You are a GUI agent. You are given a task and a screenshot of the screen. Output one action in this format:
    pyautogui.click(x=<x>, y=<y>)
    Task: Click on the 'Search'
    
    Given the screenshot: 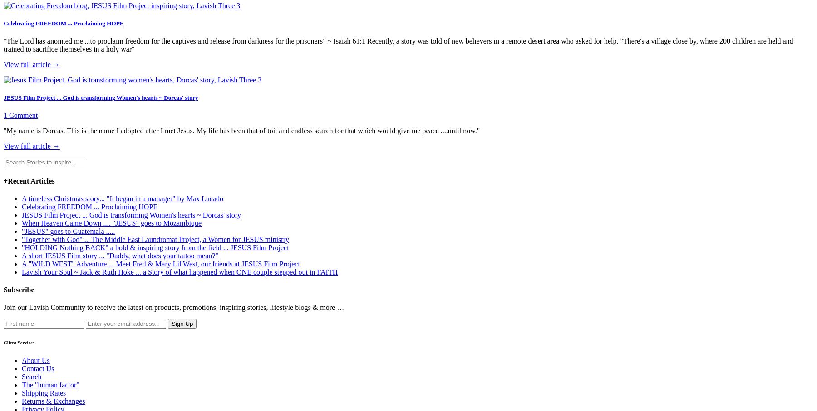 What is the action you would take?
    pyautogui.click(x=31, y=376)
    